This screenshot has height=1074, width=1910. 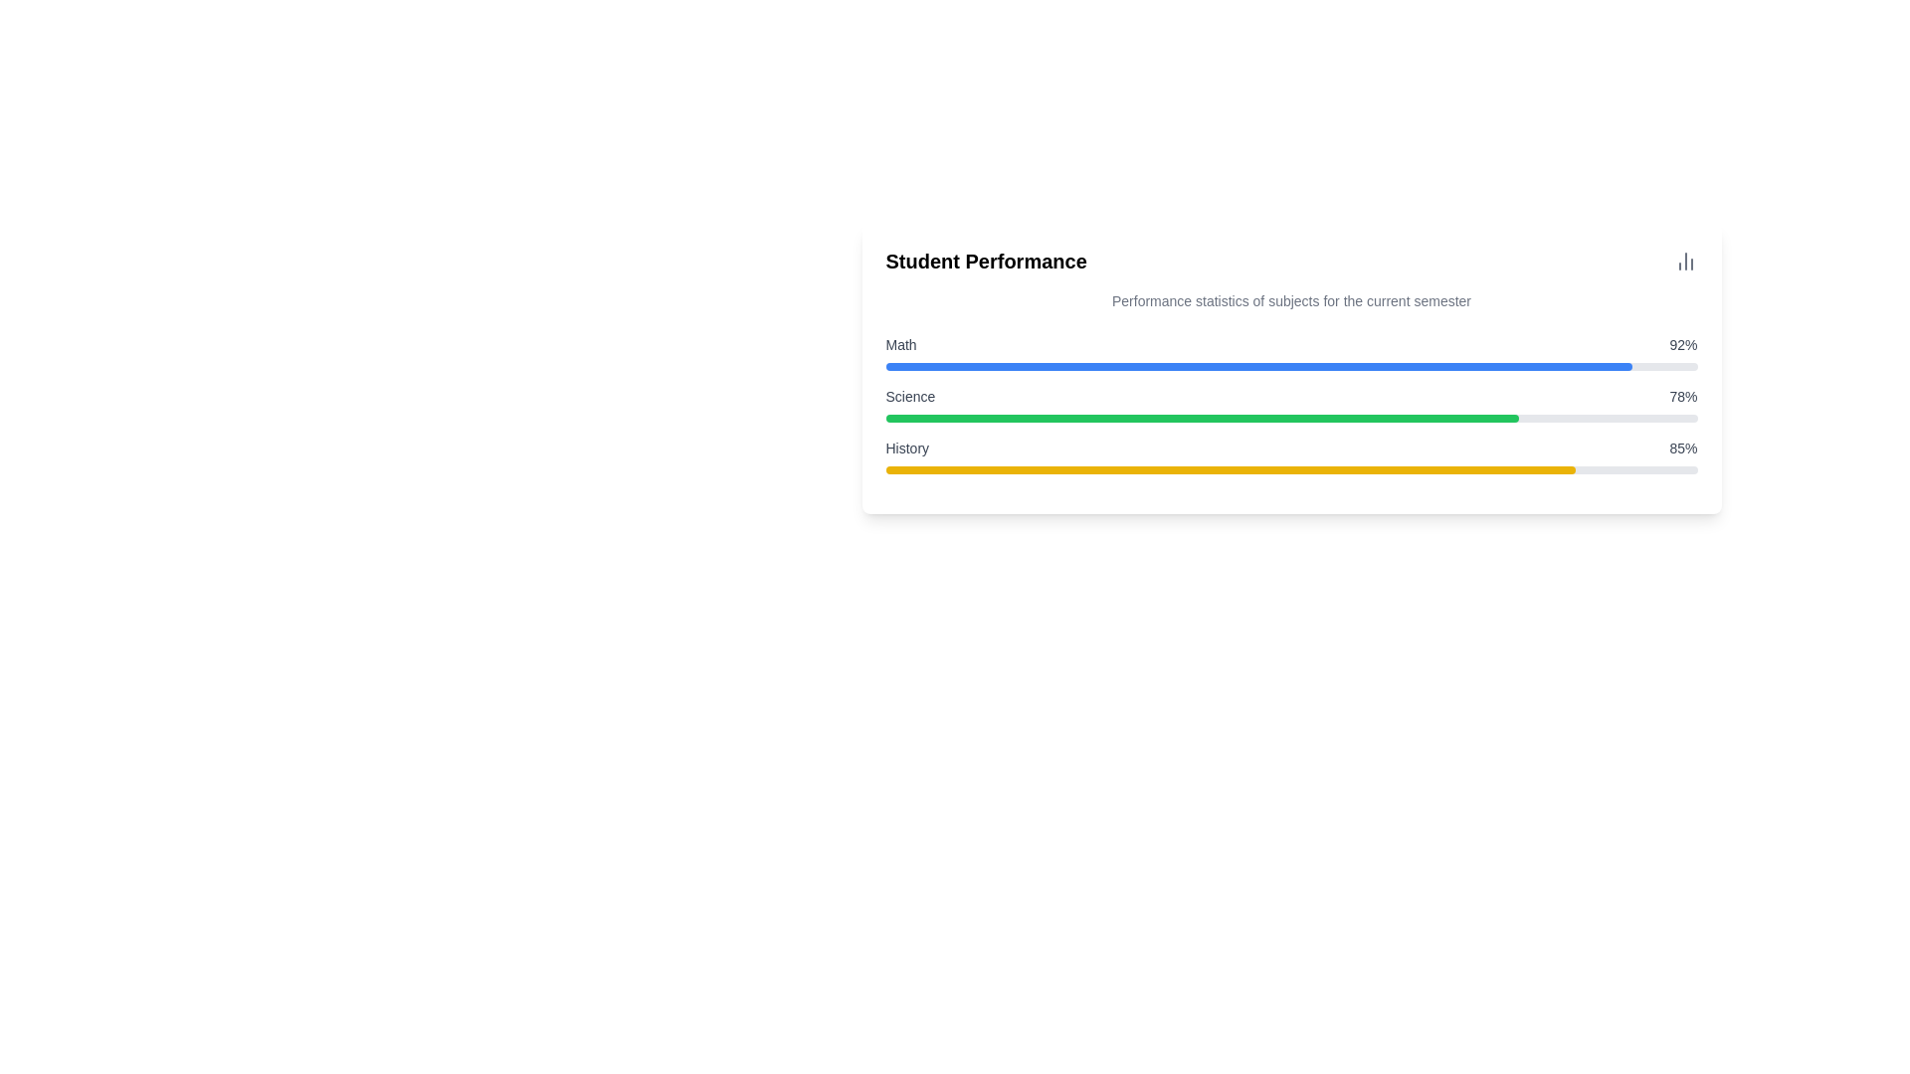 What do you see at coordinates (1257, 367) in the screenshot?
I see `the progress bar fill indicator that visually represents the 92% completion for the 'Math' subject, located just below the 'Student Performance' title` at bounding box center [1257, 367].